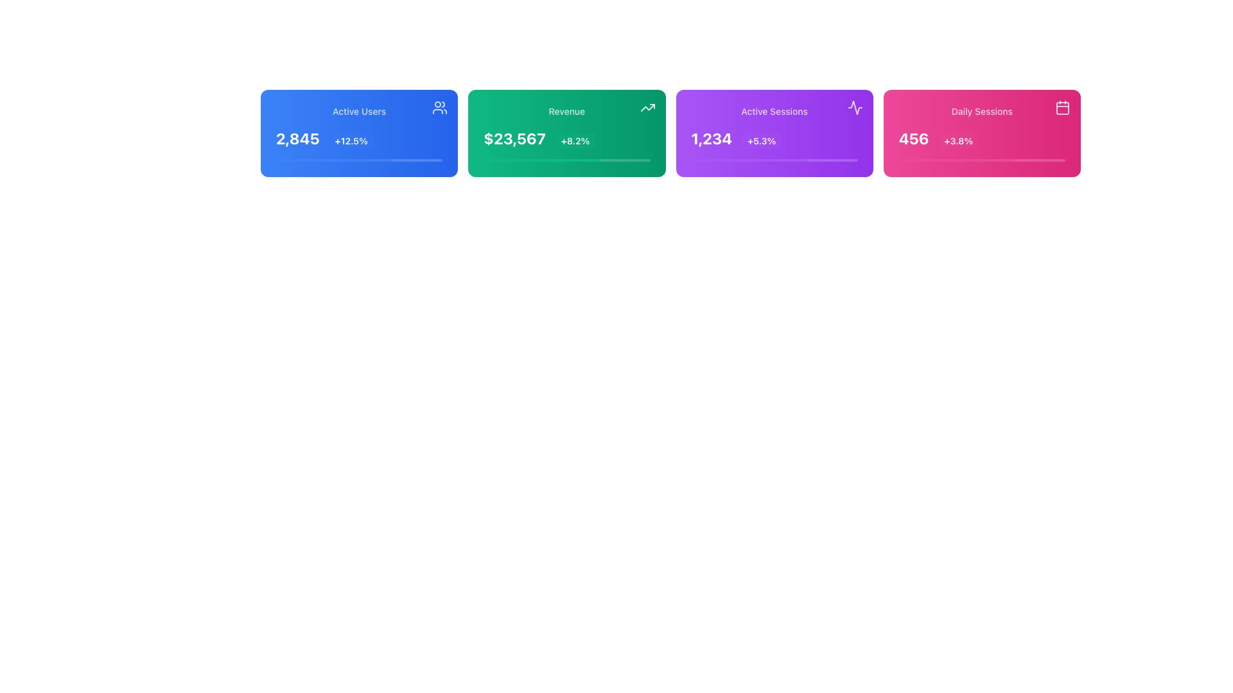 The width and height of the screenshot is (1233, 693). I want to click on percentage value displayed on the label located within the 'Active Sessions' card, positioned to the right of the bold numerical value '1,234', so click(762, 141).